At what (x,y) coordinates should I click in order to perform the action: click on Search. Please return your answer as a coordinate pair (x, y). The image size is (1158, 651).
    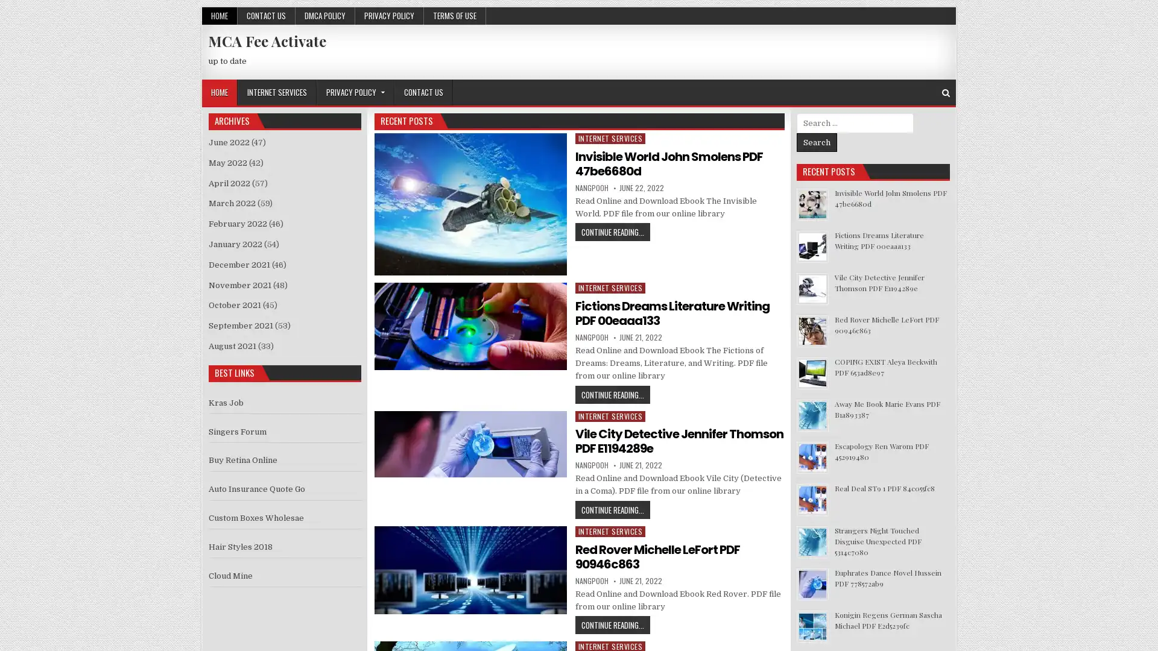
    Looking at the image, I should click on (817, 142).